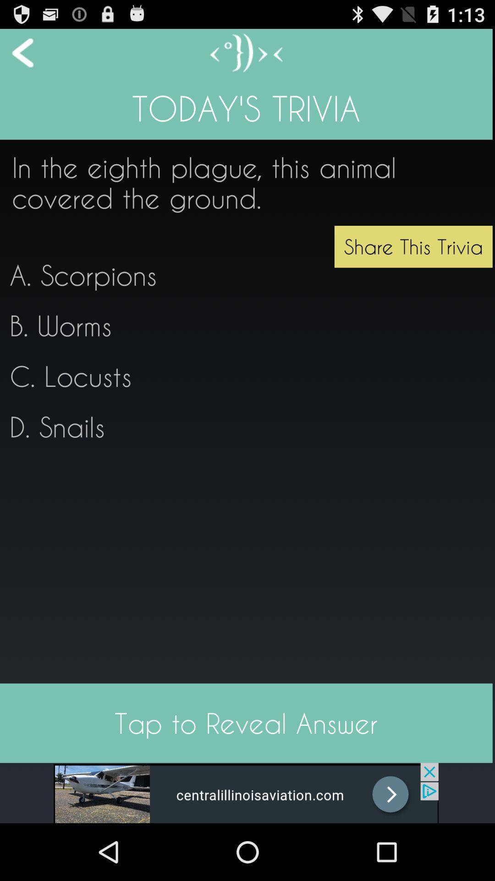 The height and width of the screenshot is (881, 495). Describe the element at coordinates (245, 792) in the screenshot. I see `advertisement bar` at that location.